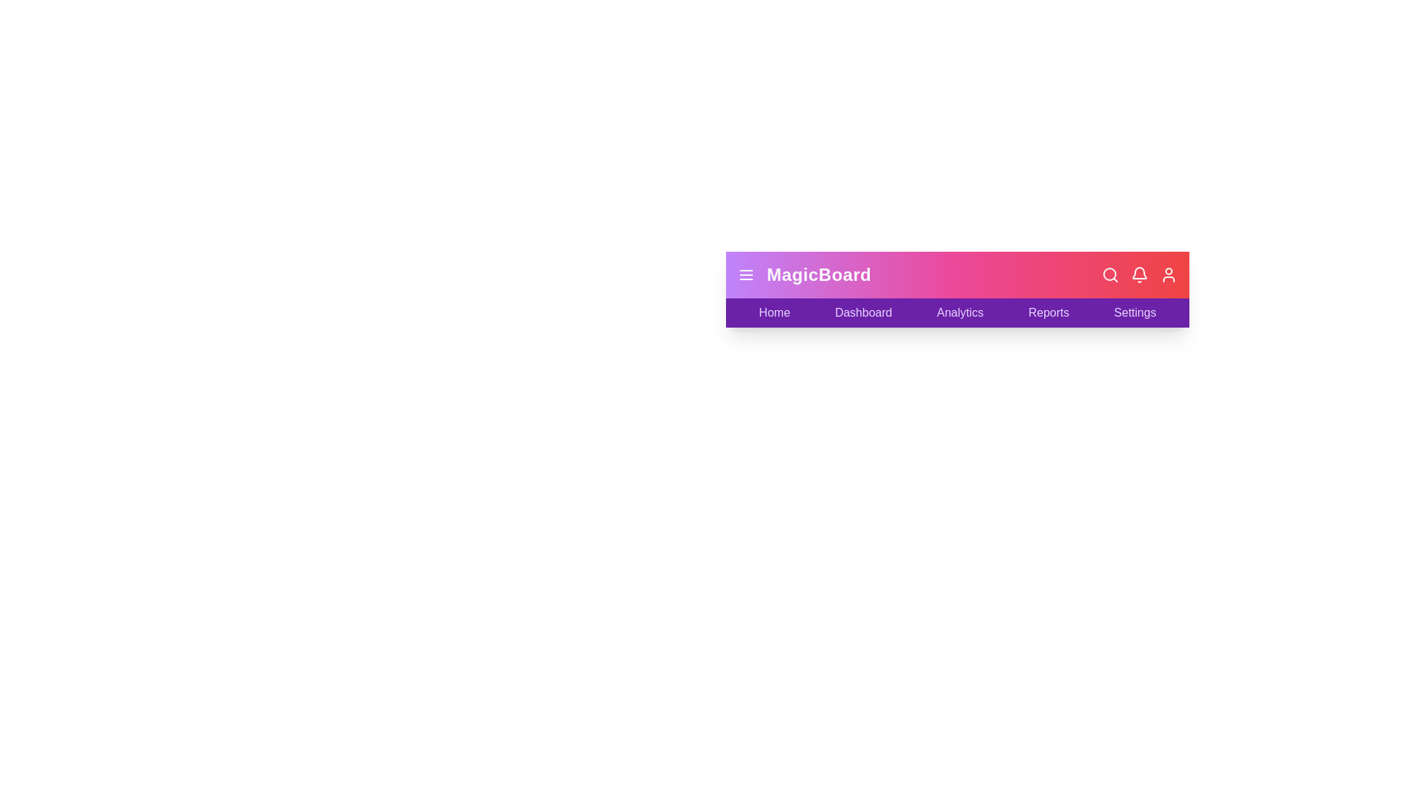 This screenshot has width=1401, height=788. What do you see at coordinates (1134, 312) in the screenshot?
I see `the Settings label to navigate to the respective section` at bounding box center [1134, 312].